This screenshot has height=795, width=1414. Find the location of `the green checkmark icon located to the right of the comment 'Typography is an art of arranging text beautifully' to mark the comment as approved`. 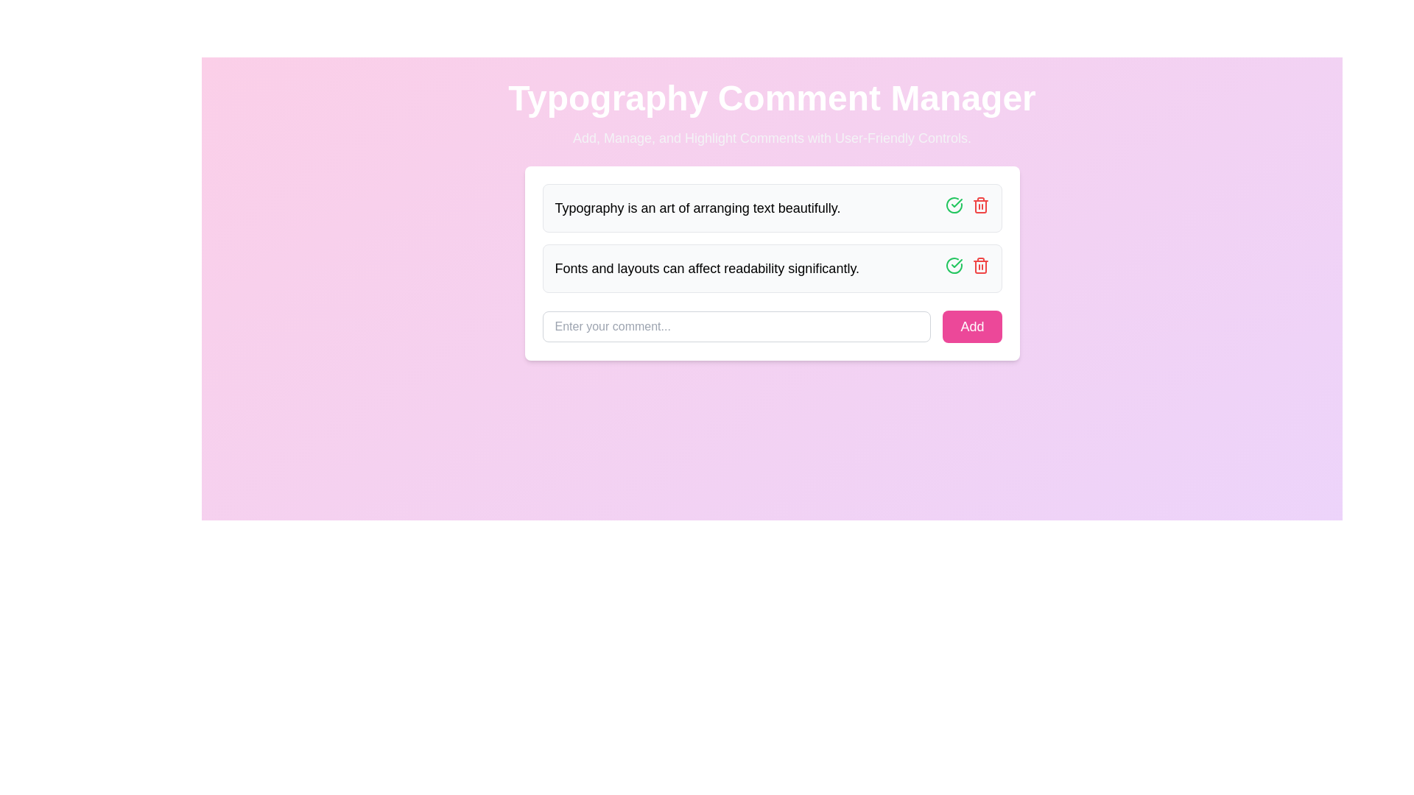

the green checkmark icon located to the right of the comment 'Typography is an art of arranging text beautifully' to mark the comment as approved is located at coordinates (957, 263).